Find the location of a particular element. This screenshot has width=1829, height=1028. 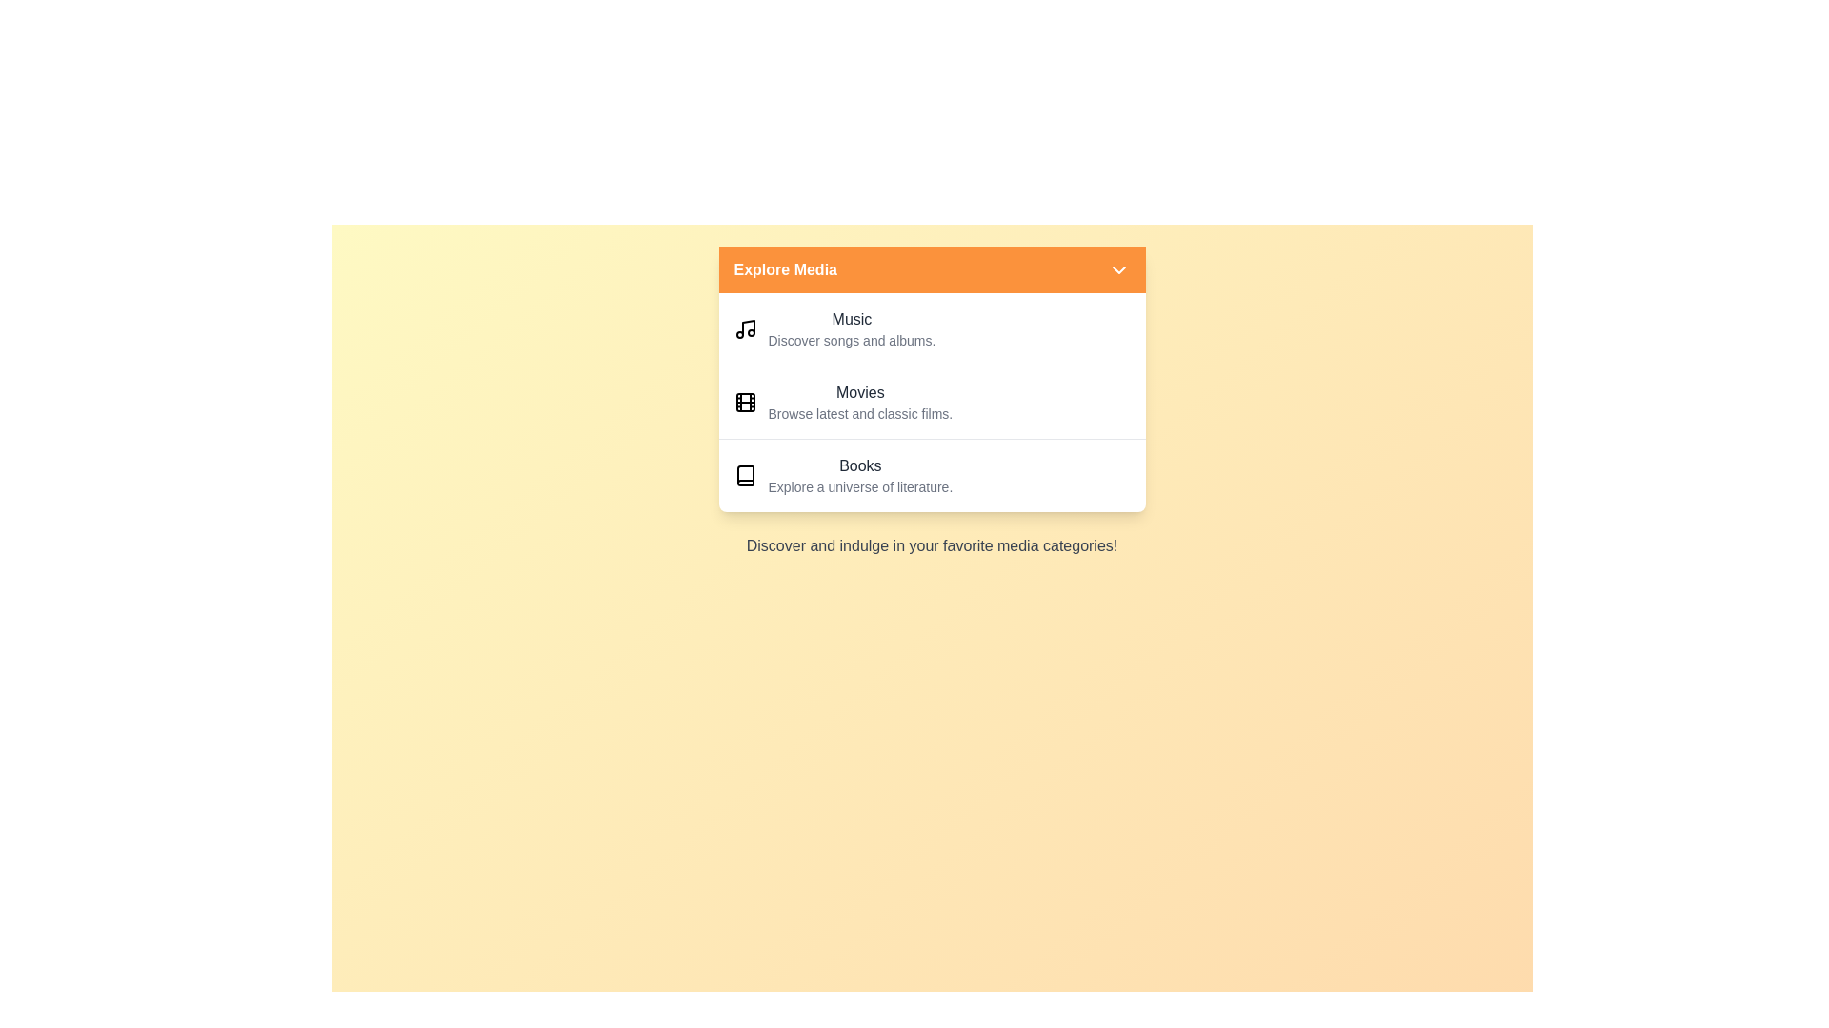

the media category Movies by clicking on its corresponding list item is located at coordinates (932, 401).